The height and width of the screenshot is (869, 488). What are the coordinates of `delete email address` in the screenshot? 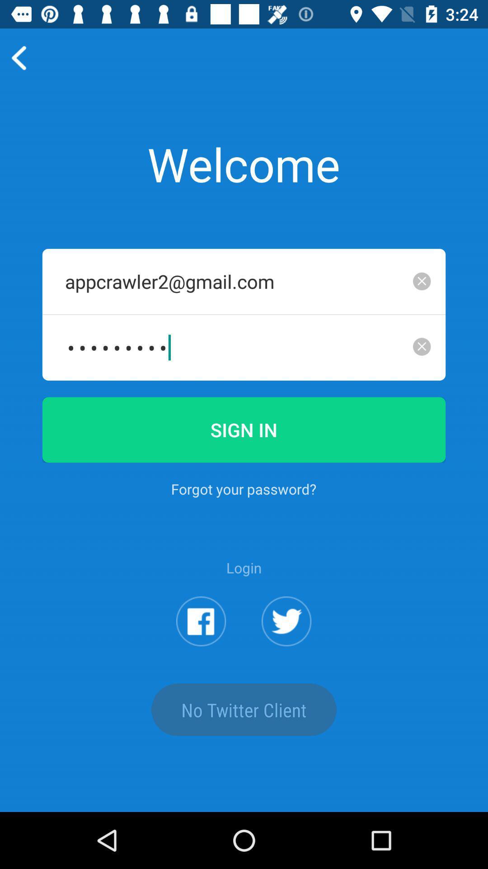 It's located at (422, 281).